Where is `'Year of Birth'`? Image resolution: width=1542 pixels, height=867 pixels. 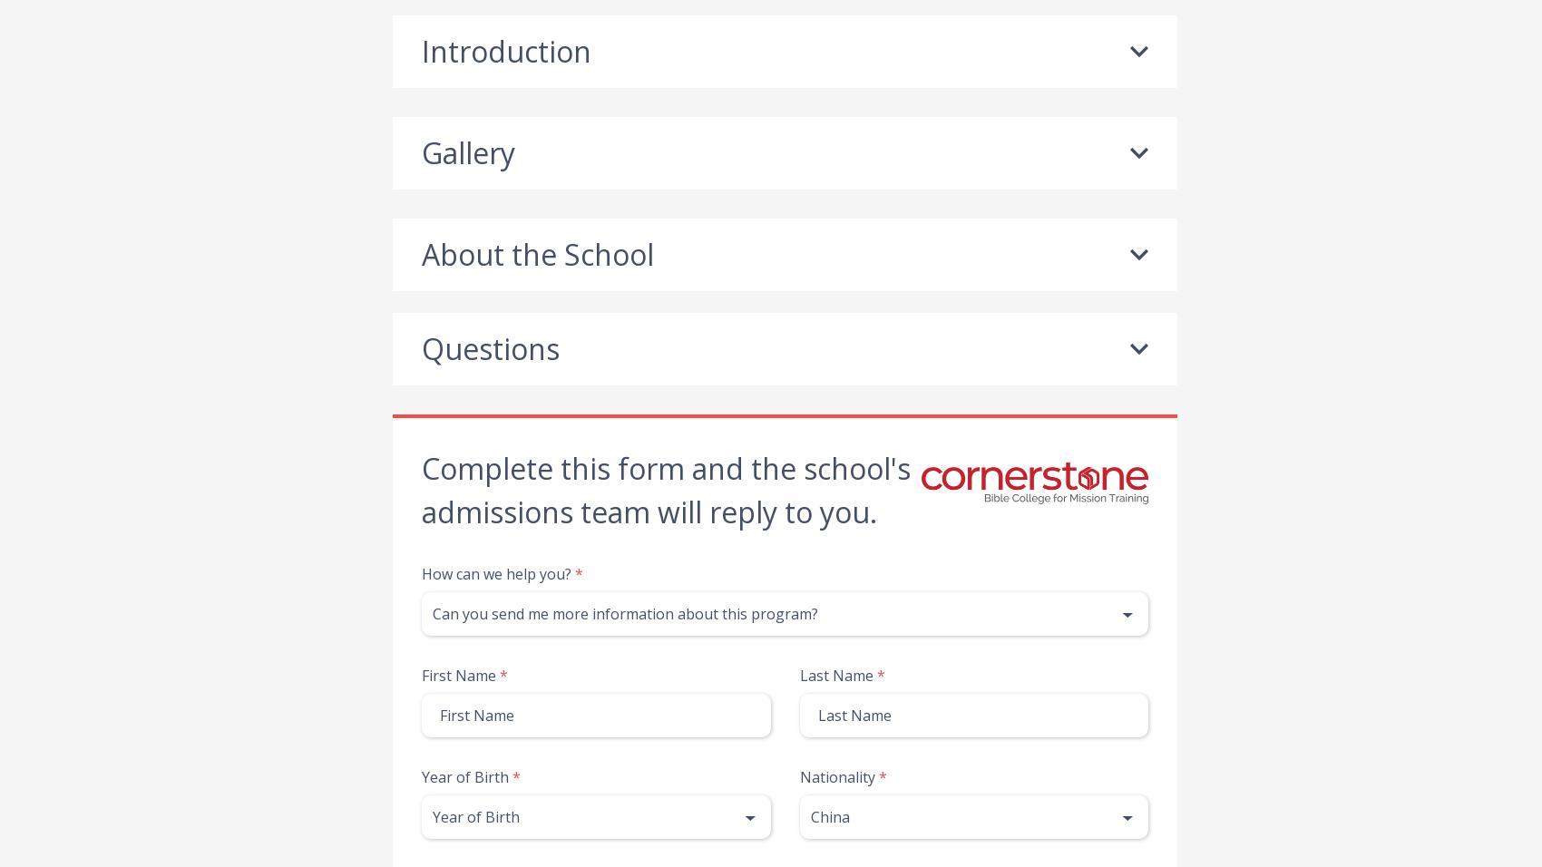
'Year of Birth' is located at coordinates (465, 776).